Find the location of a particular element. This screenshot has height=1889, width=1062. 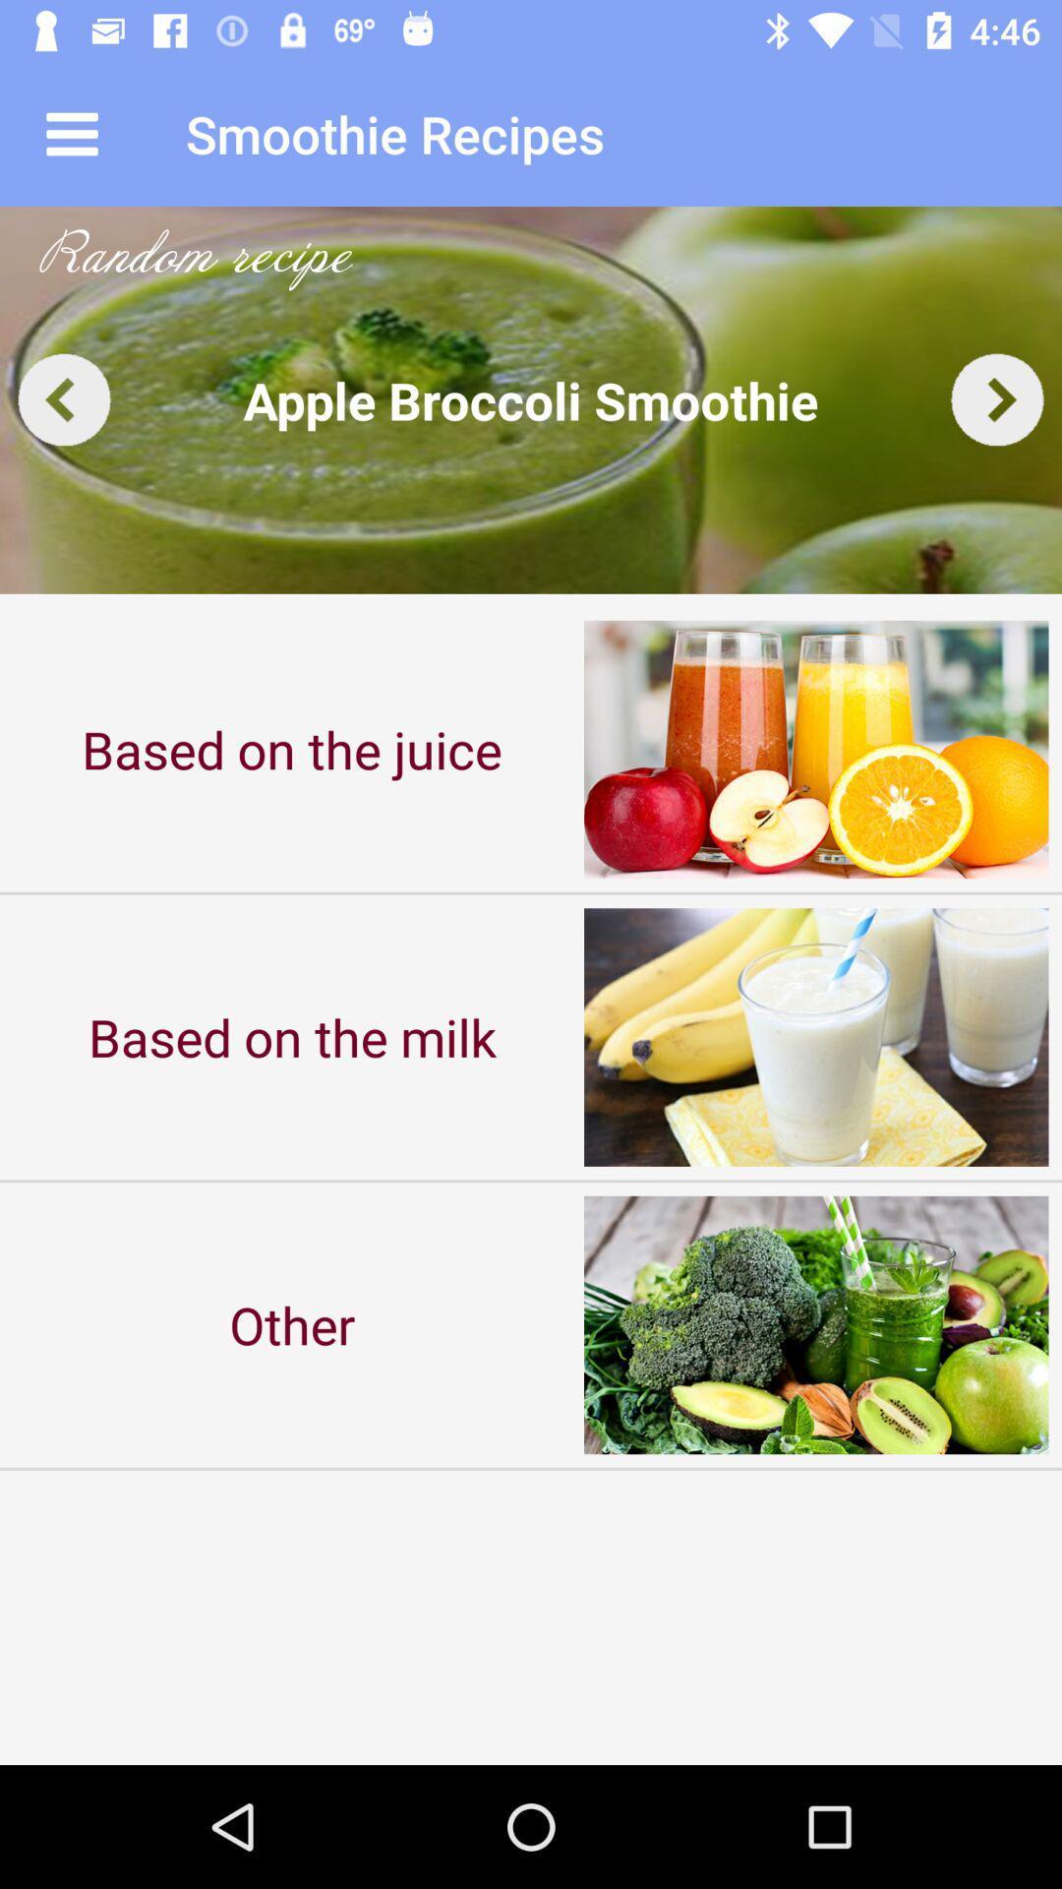

next is located at coordinates (997, 398).